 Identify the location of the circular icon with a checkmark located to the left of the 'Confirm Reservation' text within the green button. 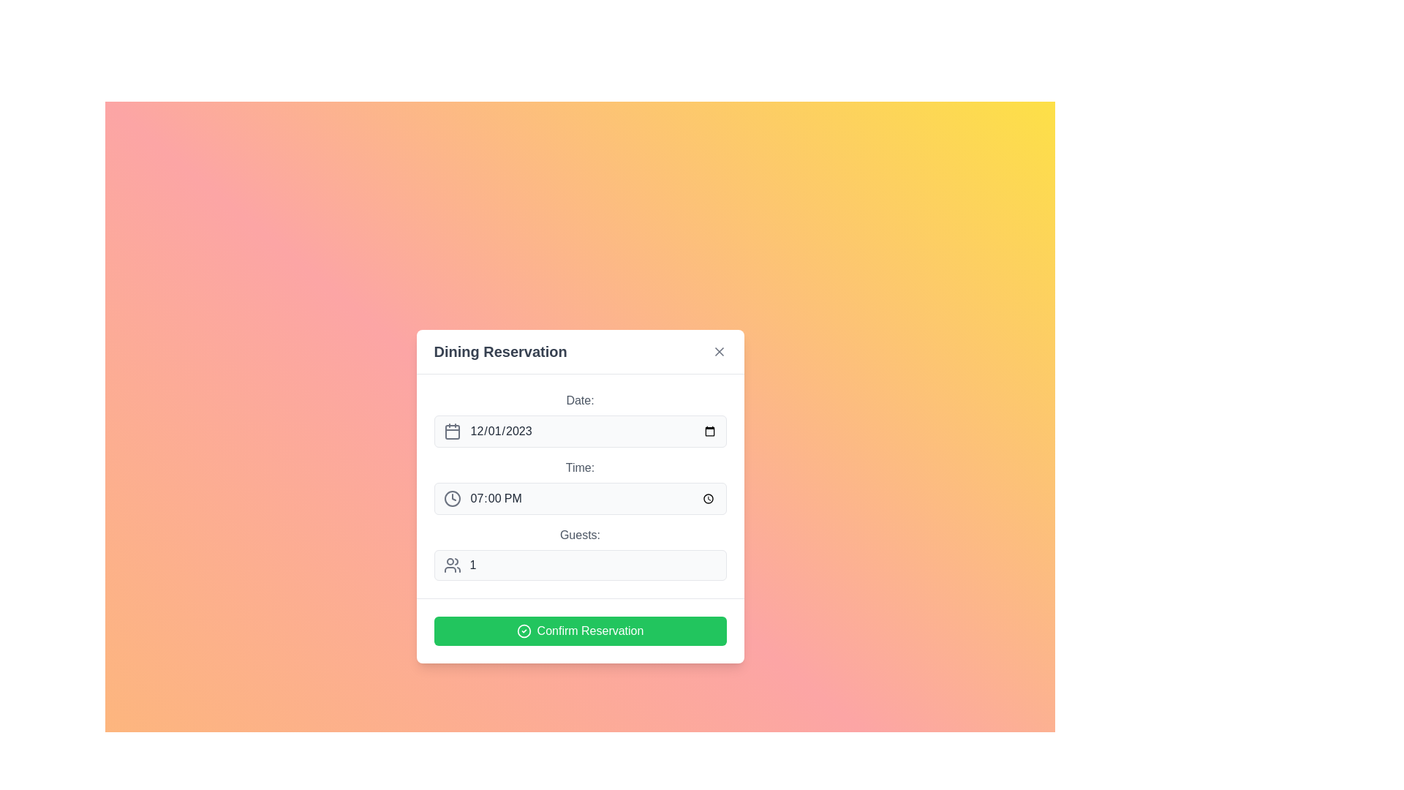
(524, 631).